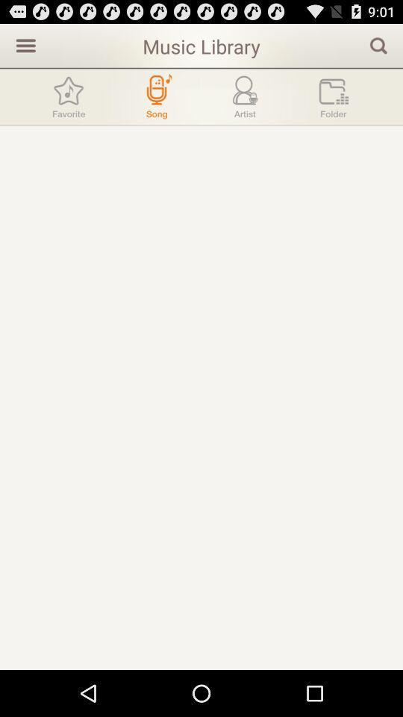  What do you see at coordinates (245, 96) in the screenshot?
I see `the item below music library` at bounding box center [245, 96].